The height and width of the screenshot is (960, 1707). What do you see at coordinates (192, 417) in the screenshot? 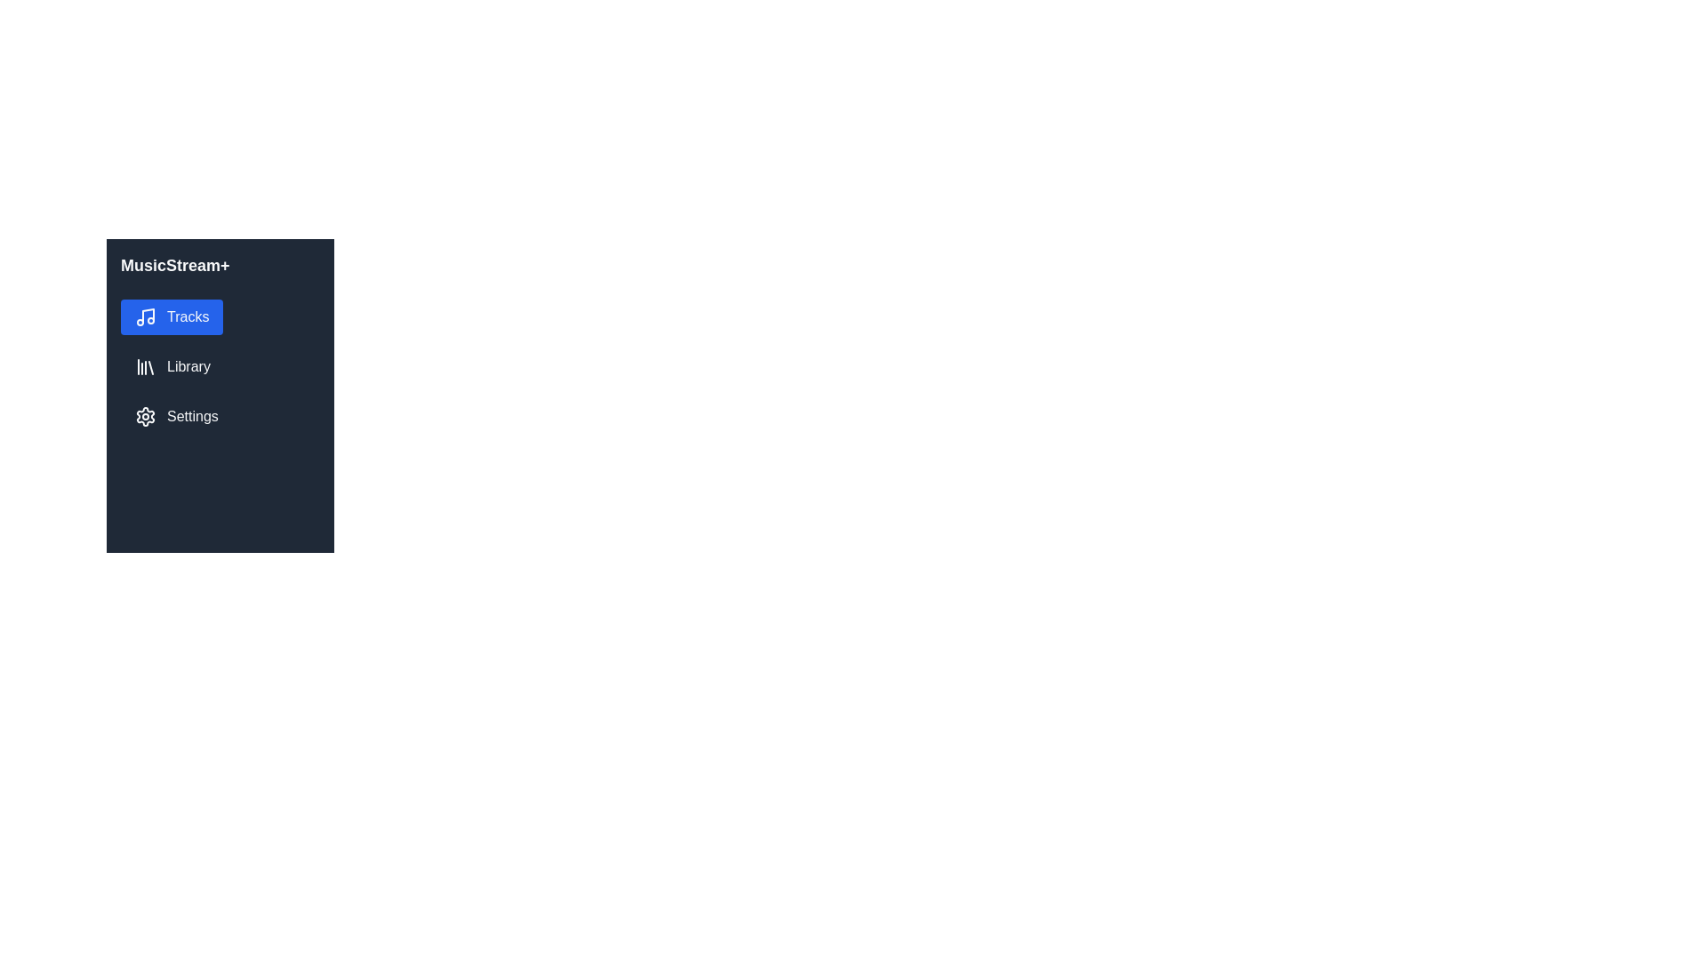
I see `the 'Settings' label in the sidebar` at bounding box center [192, 417].